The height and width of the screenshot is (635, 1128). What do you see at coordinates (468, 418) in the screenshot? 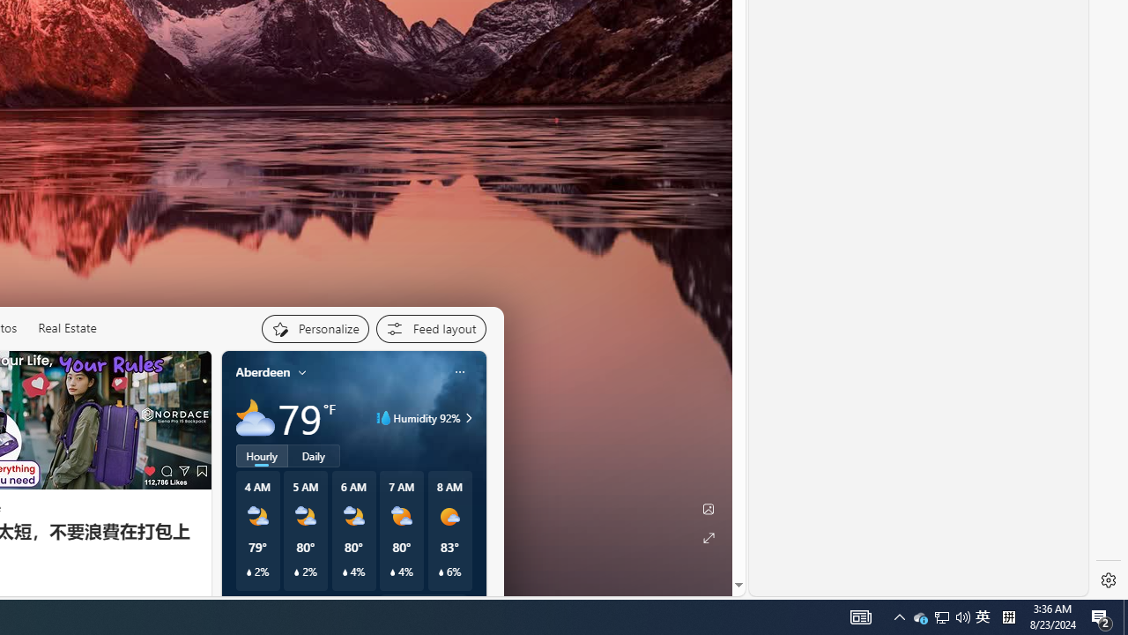
I see `'Class: weather-arrow-glyph'` at bounding box center [468, 418].